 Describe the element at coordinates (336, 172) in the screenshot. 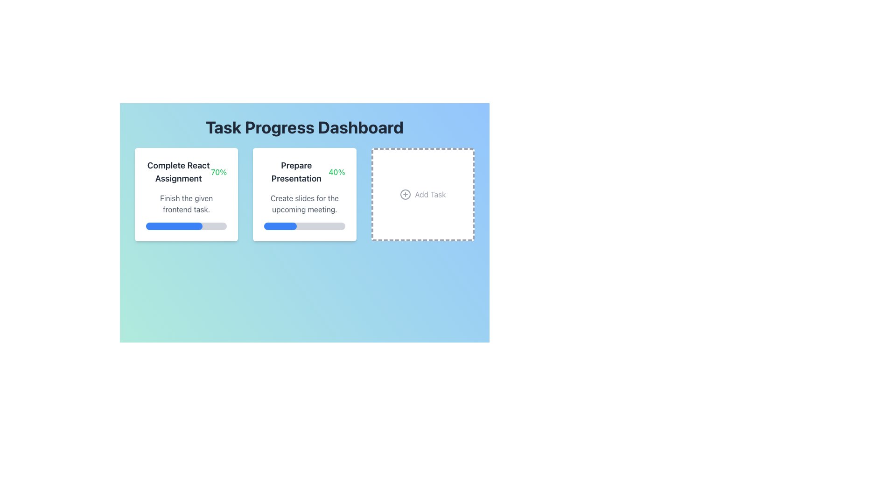

I see `the text label displaying '40%' in green color, which is positioned to the right of the 'Prepare Presentation' title within the second card of the task progress dashboard` at that location.